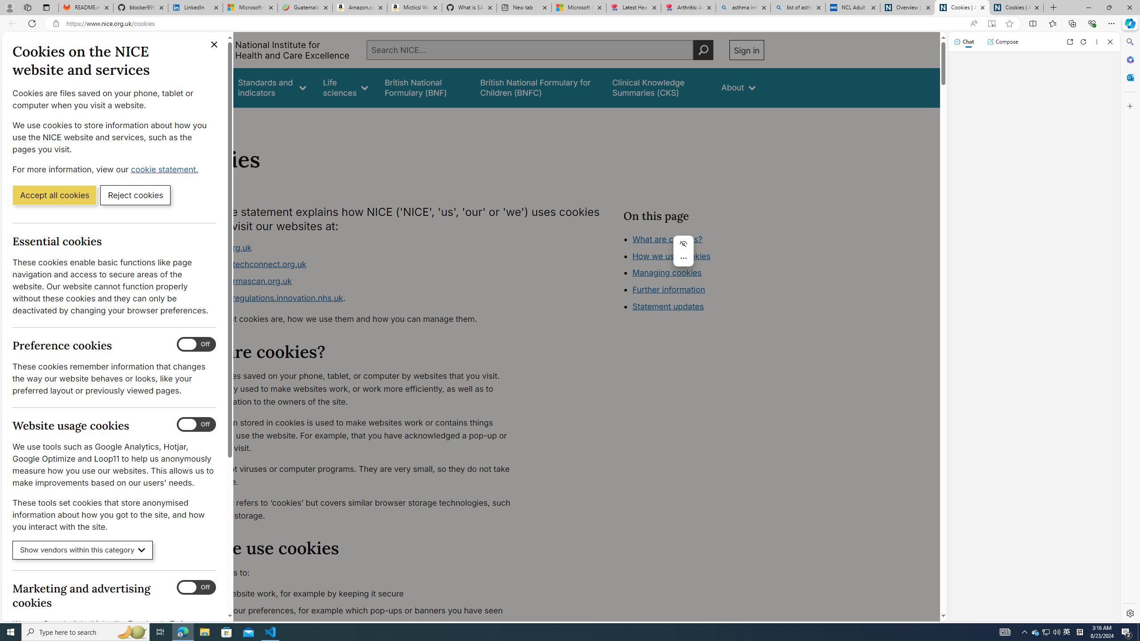  I want to click on 'LinkedIn', so click(195, 7).